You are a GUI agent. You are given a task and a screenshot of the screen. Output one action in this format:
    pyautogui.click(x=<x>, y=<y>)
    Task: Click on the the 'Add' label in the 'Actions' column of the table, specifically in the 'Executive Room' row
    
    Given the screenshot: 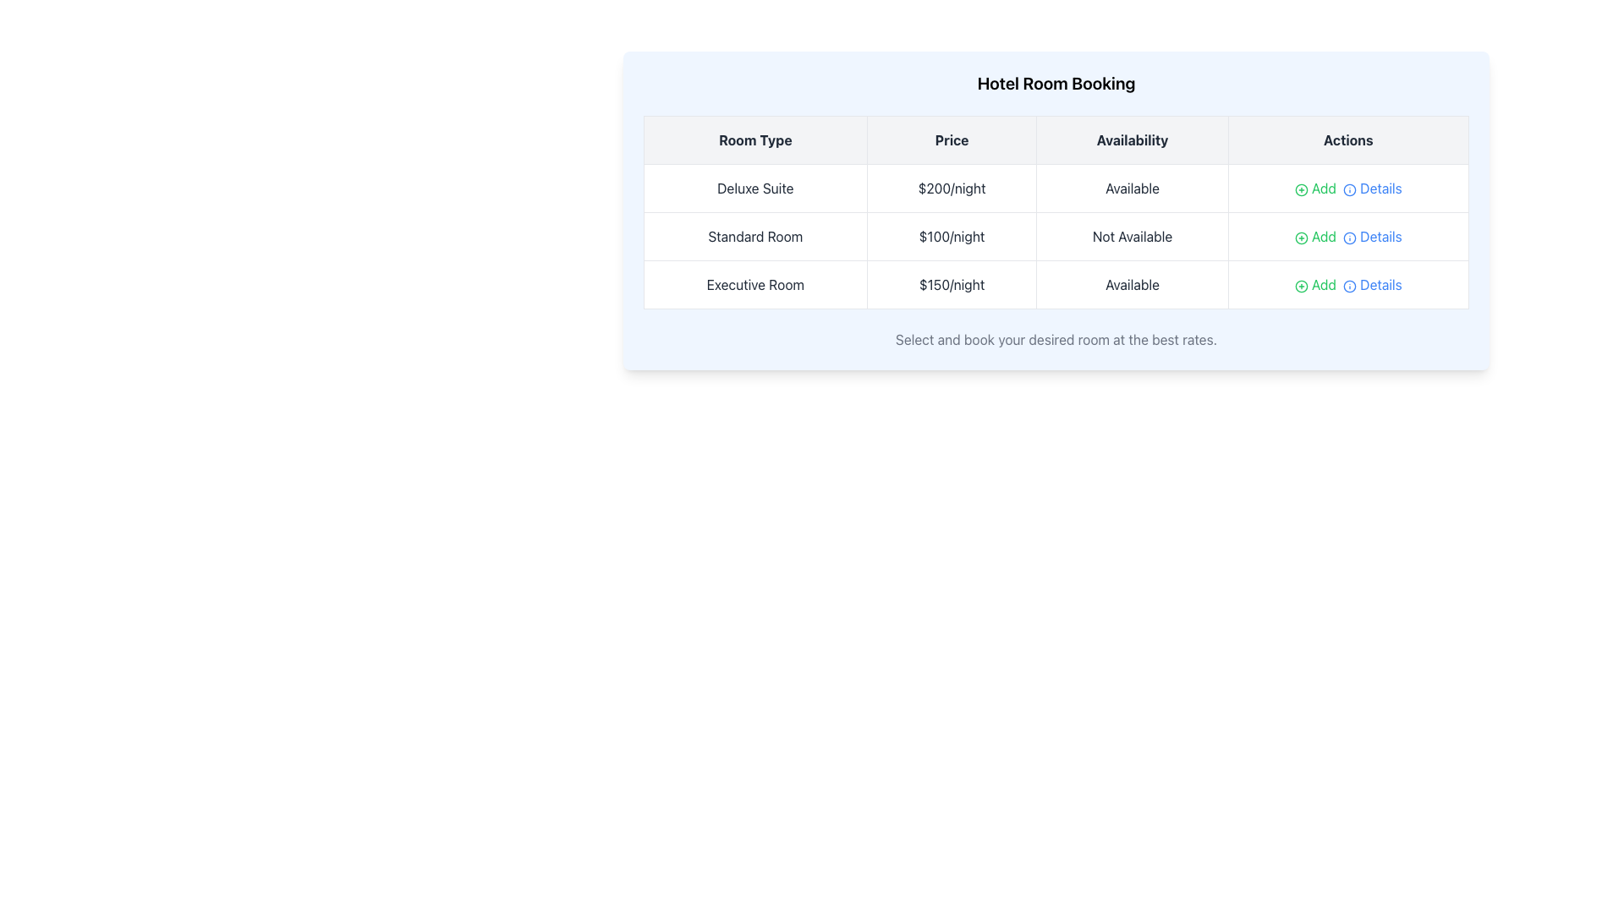 What is the action you would take?
    pyautogui.click(x=1347, y=283)
    